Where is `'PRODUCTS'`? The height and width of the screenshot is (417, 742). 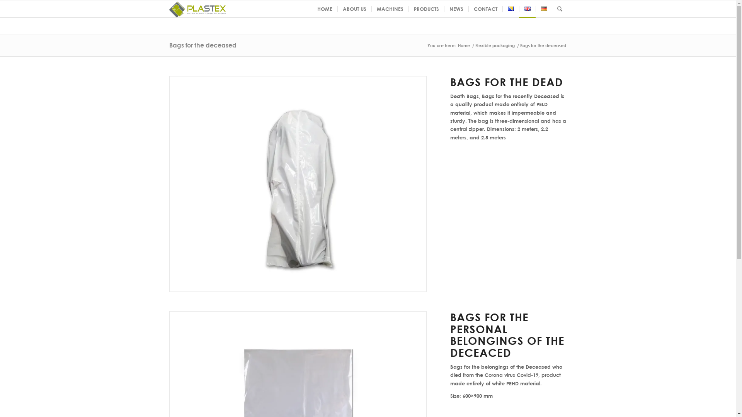 'PRODUCTS' is located at coordinates (425, 9).